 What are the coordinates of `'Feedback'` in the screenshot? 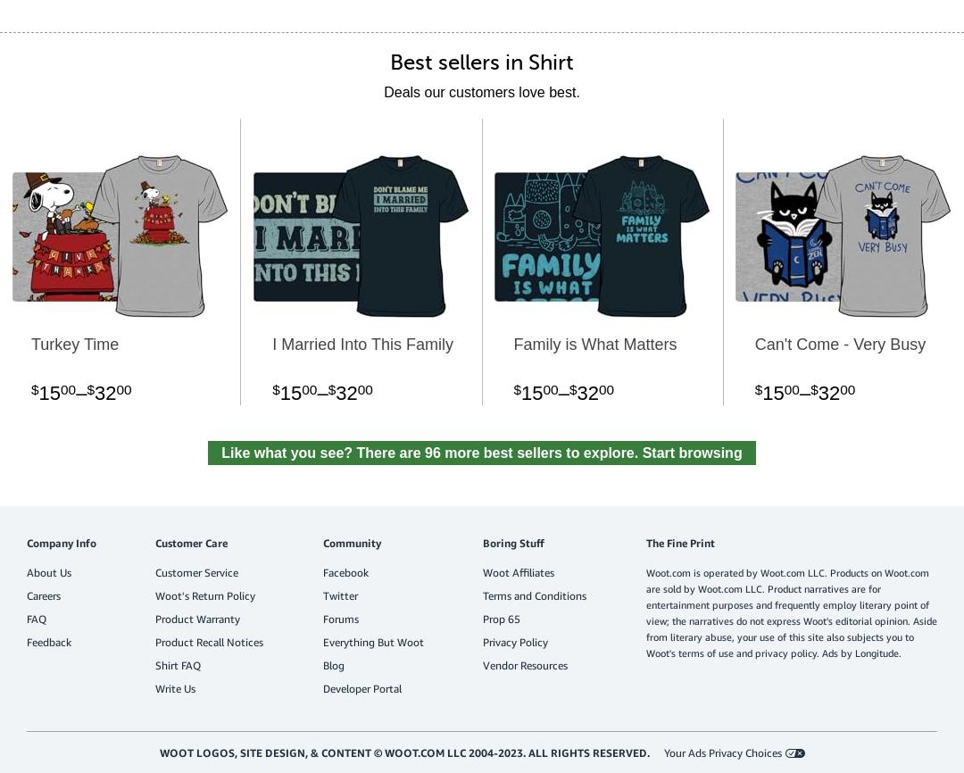 It's located at (47, 640).